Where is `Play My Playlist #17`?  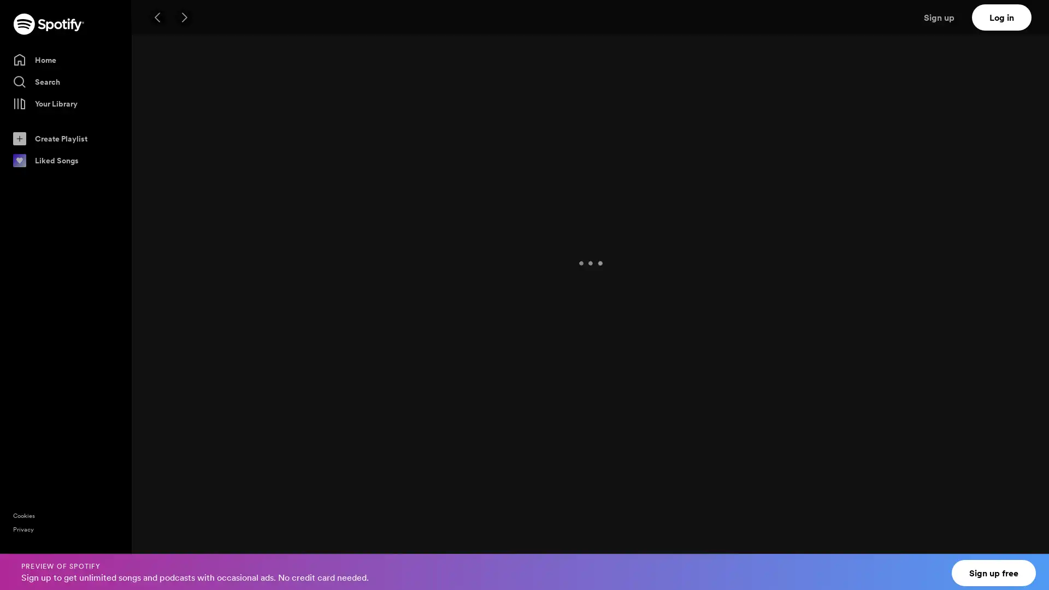 Play My Playlist #17 is located at coordinates (220, 332).